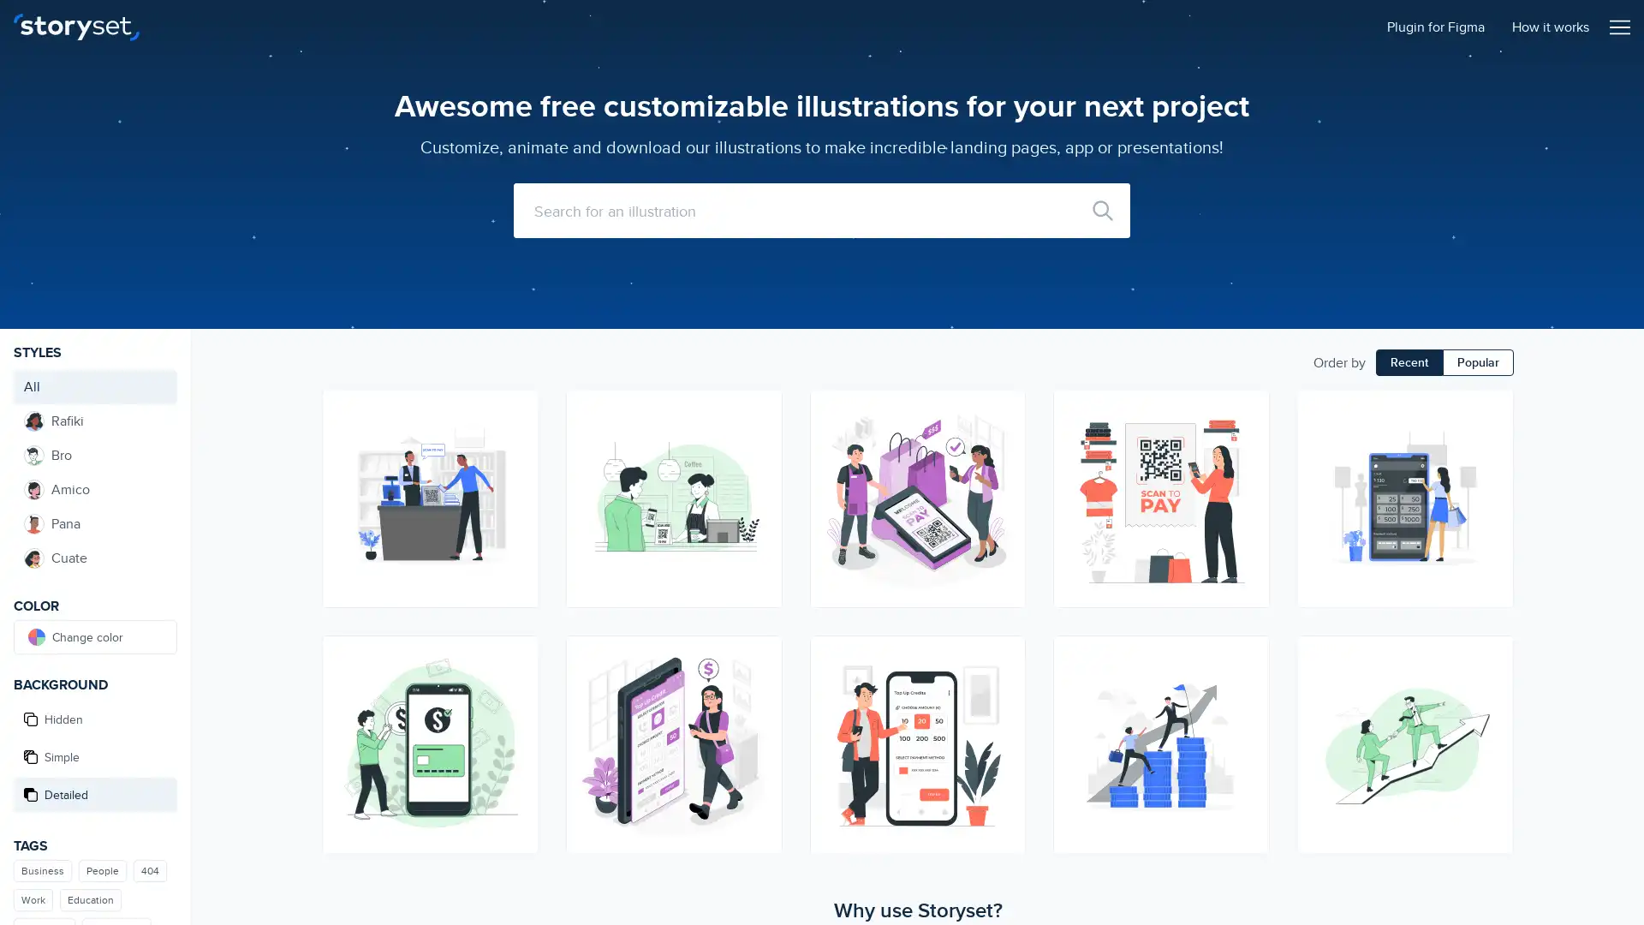 The image size is (1644, 925). I want to click on wand icon Animate, so click(1004, 655).